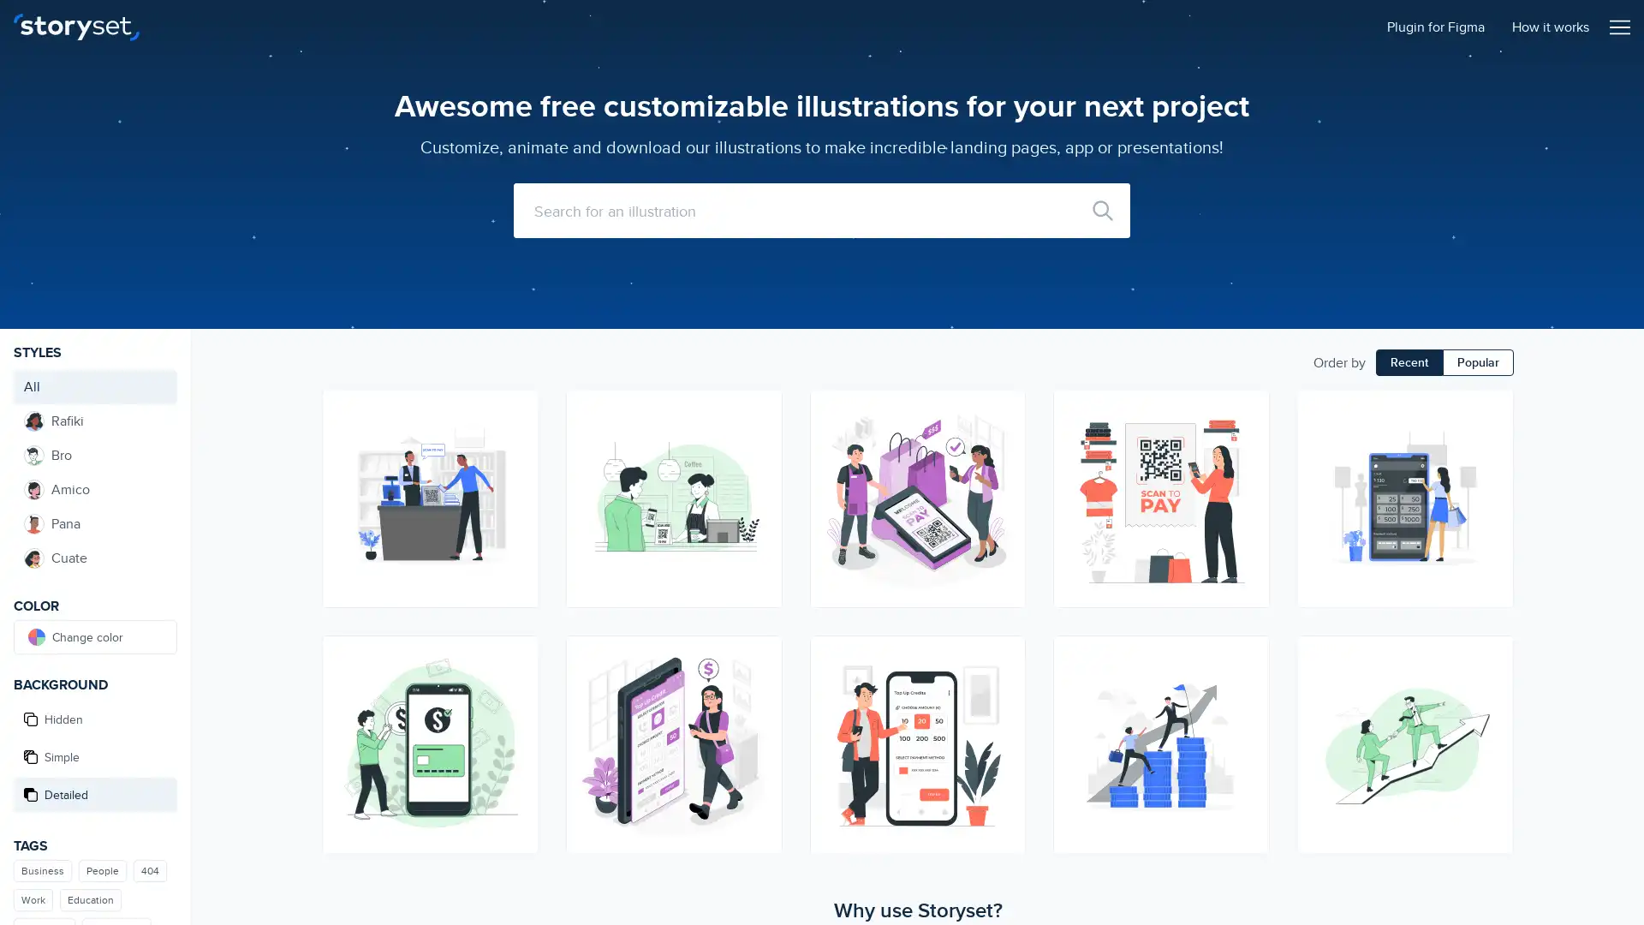 The image size is (1644, 925). I want to click on wand icon Animate, so click(1004, 655).